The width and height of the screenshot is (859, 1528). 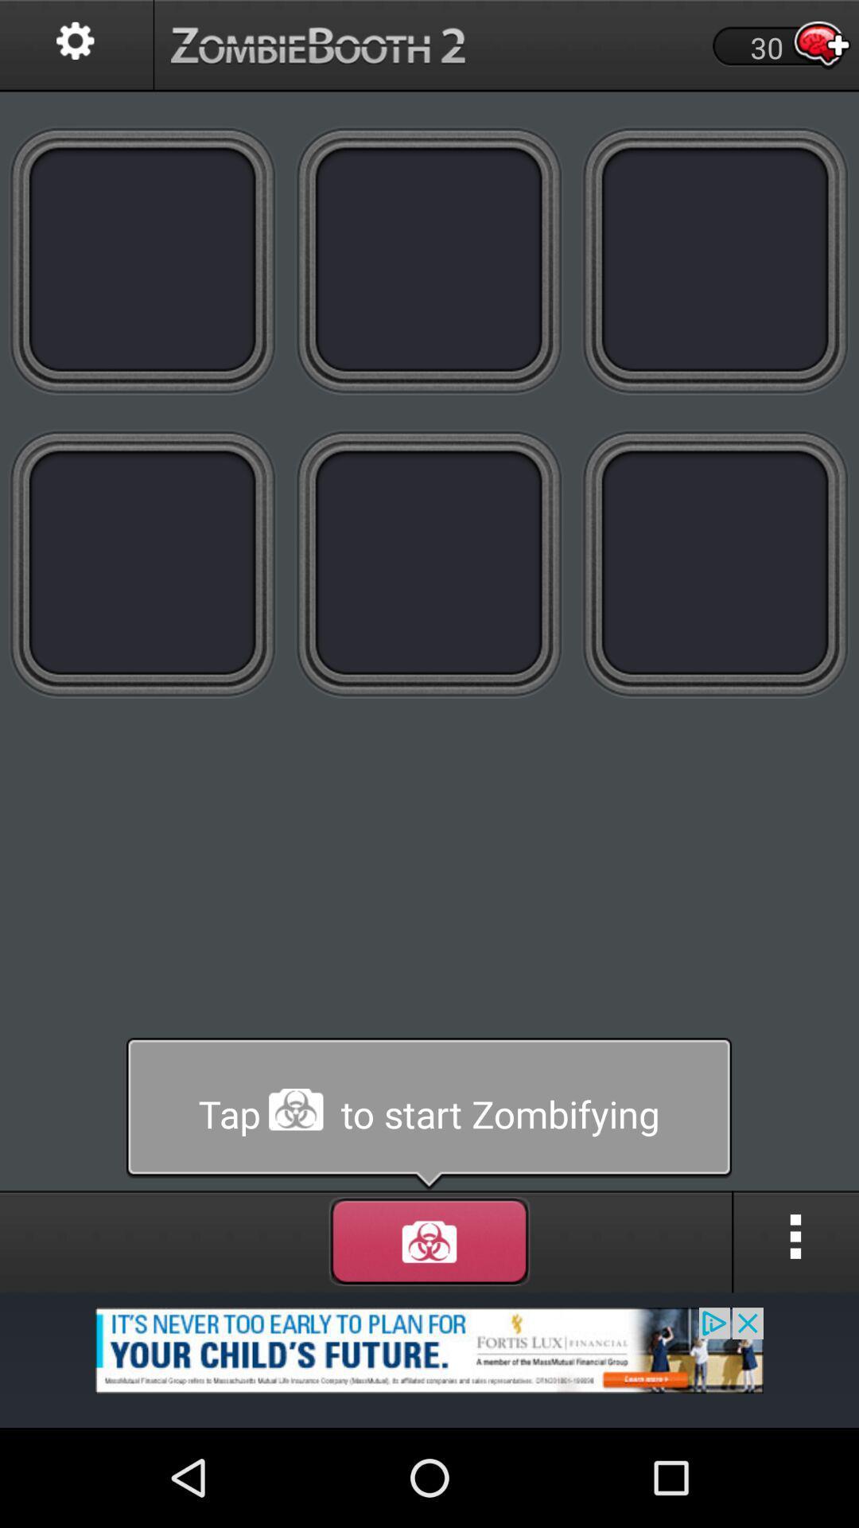 I want to click on change settings, so click(x=76, y=45).